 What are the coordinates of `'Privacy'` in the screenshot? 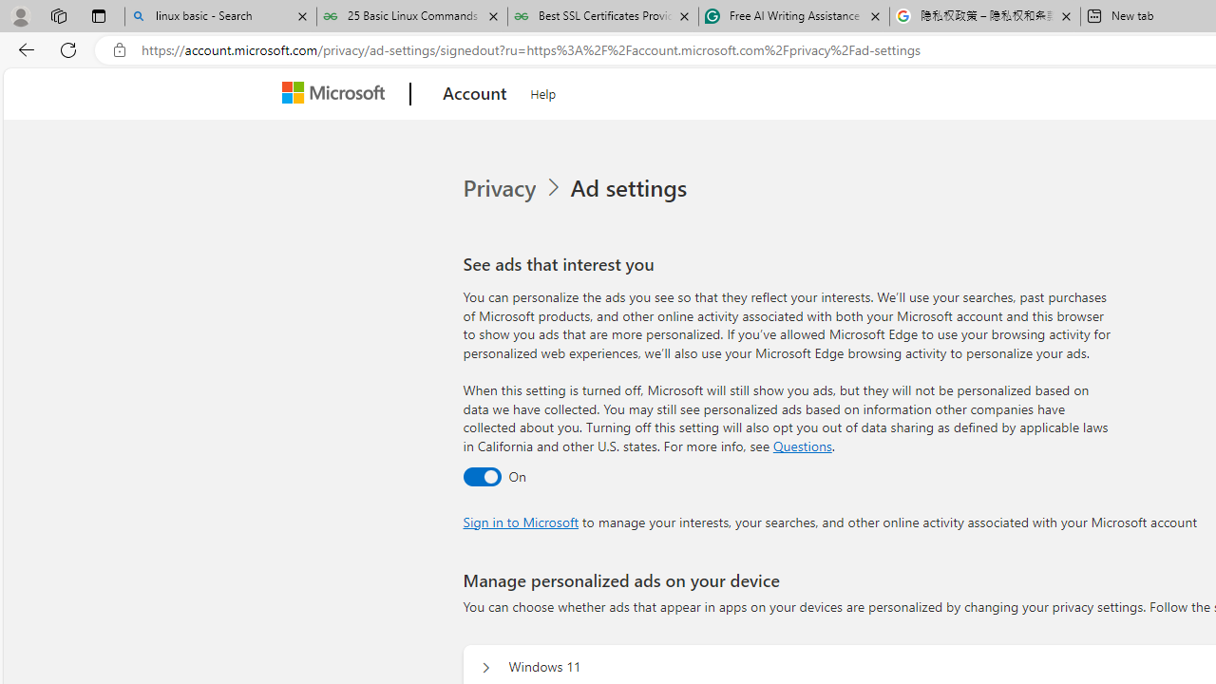 It's located at (514, 188).